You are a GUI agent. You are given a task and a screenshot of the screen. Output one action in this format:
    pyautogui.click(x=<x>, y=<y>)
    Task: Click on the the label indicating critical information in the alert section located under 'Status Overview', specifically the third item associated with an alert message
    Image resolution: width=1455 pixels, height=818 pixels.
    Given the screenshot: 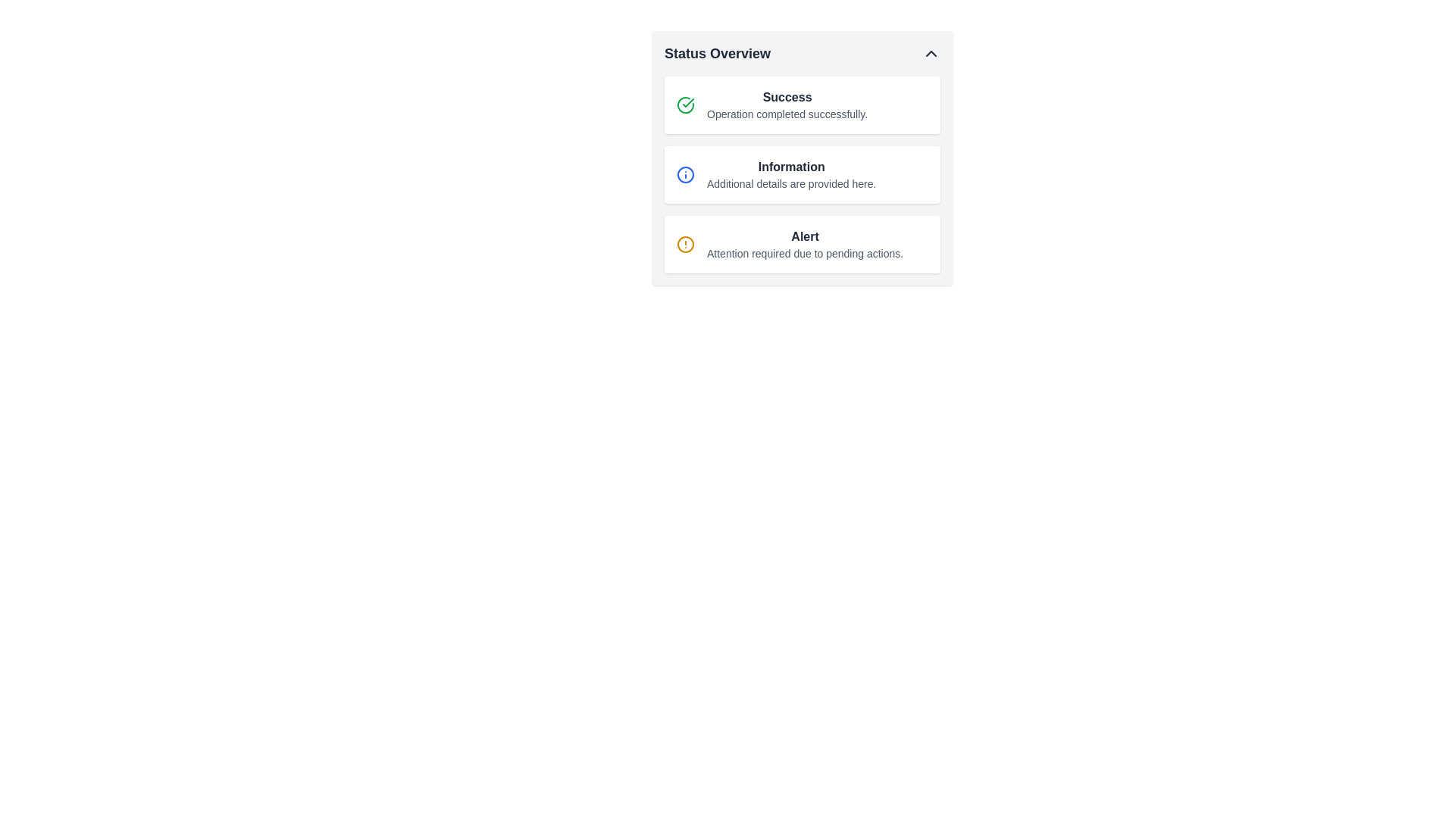 What is the action you would take?
    pyautogui.click(x=804, y=236)
    